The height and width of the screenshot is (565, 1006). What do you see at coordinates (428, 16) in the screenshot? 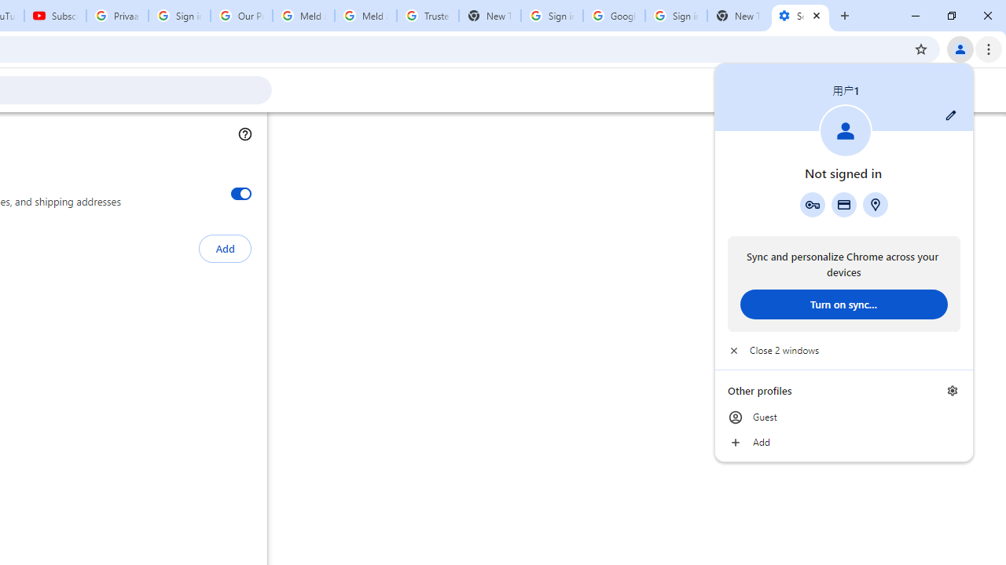
I see `'Trusted Information and Content - Google Safety Center'` at bounding box center [428, 16].